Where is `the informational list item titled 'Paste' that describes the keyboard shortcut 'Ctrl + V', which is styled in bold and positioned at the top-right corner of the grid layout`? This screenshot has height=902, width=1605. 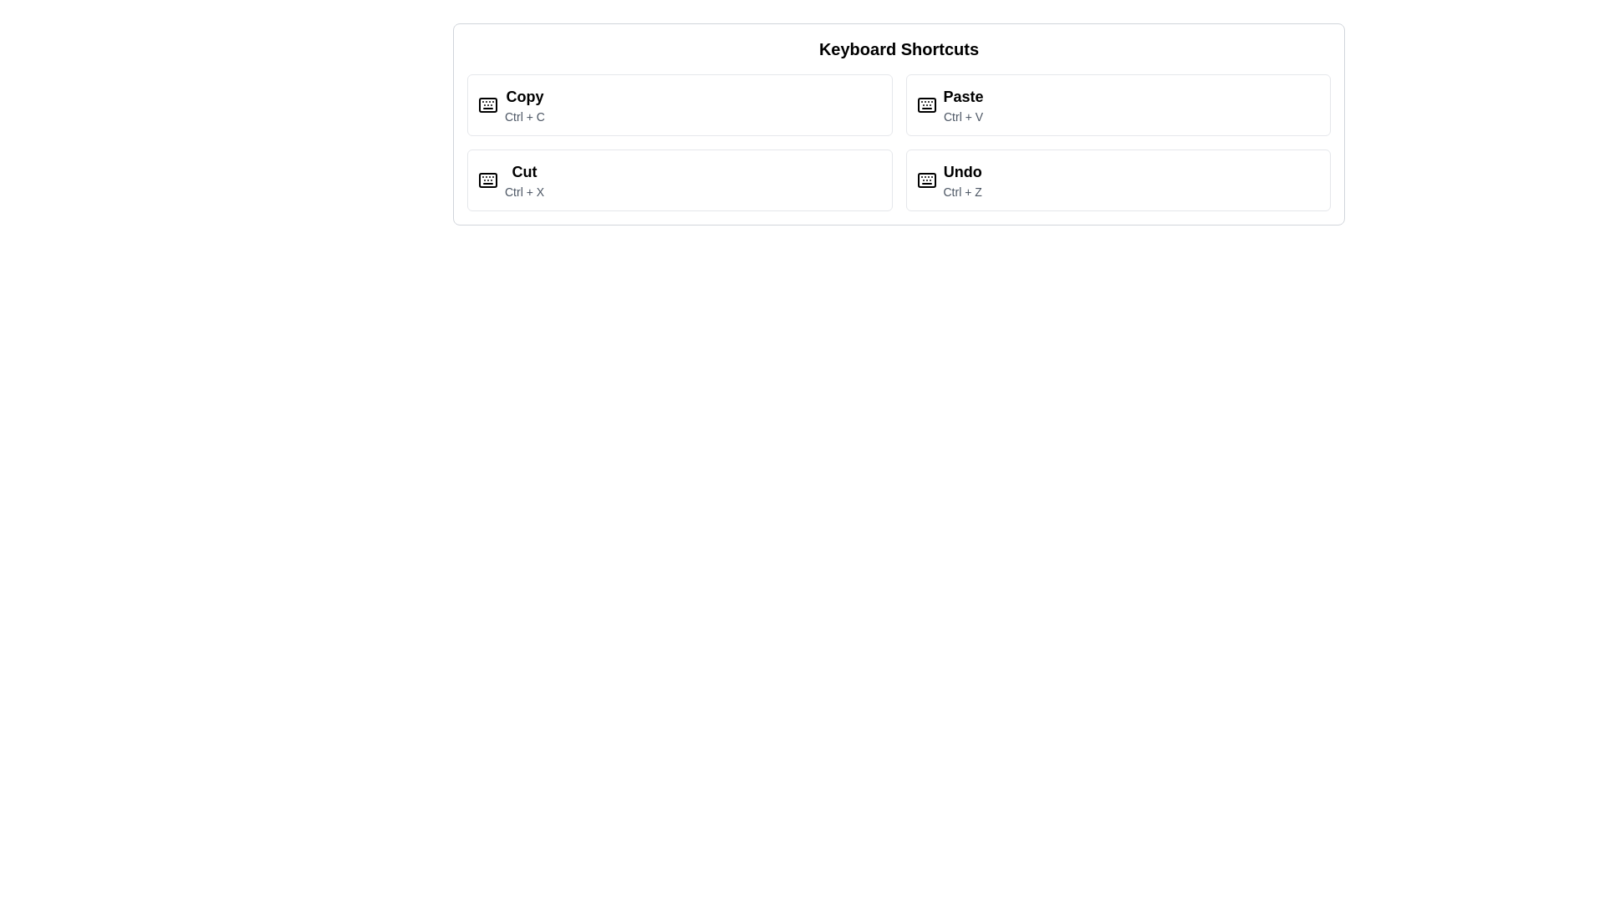
the informational list item titled 'Paste' that describes the keyboard shortcut 'Ctrl + V', which is styled in bold and positioned at the top-right corner of the grid layout is located at coordinates (963, 105).